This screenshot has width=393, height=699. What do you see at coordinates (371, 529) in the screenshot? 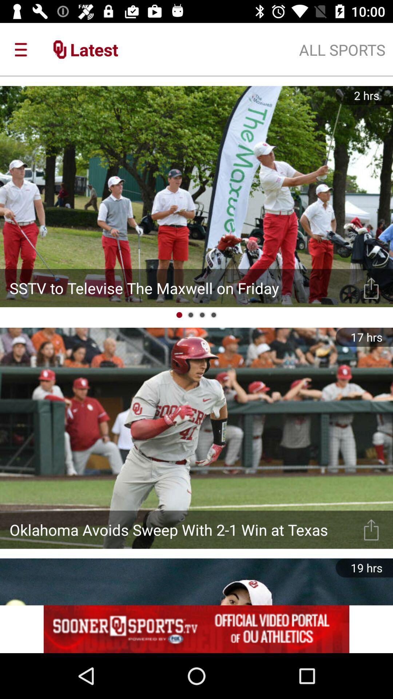
I see `upload file` at bounding box center [371, 529].